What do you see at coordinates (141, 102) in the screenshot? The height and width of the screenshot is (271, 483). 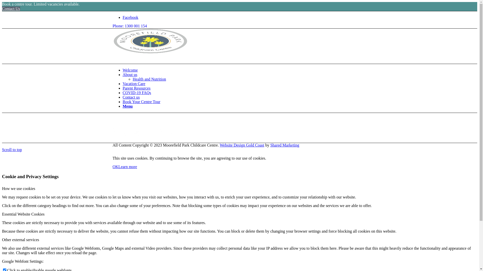 I see `'Book Your Centre Tour'` at bounding box center [141, 102].